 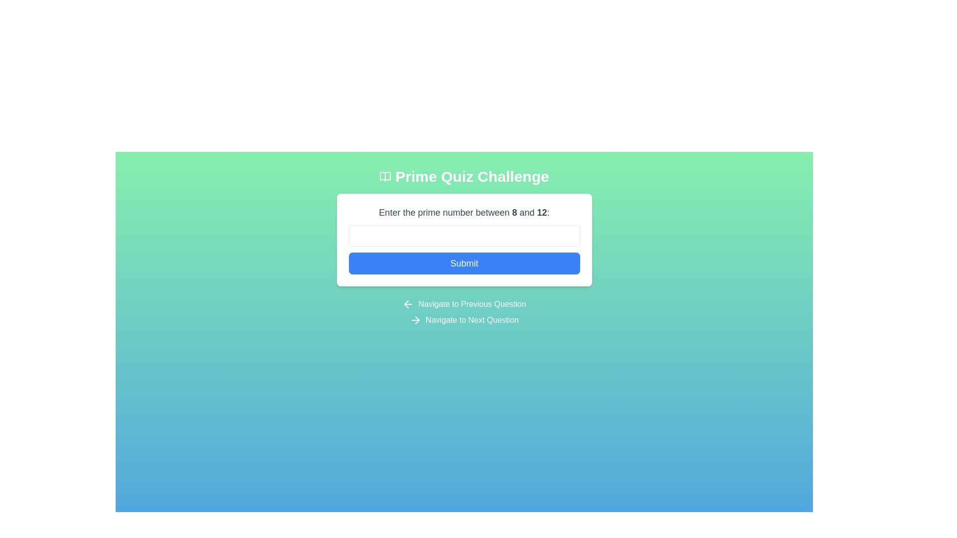 I want to click on the navigation icon indicating direction to the next question, located to the left of the text 'Navigate to Next Question', so click(x=416, y=320).